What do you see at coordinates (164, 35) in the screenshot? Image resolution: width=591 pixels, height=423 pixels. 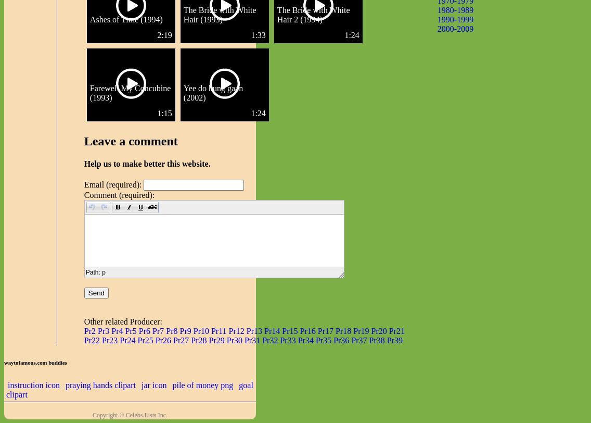 I see `'2:19'` at bounding box center [164, 35].